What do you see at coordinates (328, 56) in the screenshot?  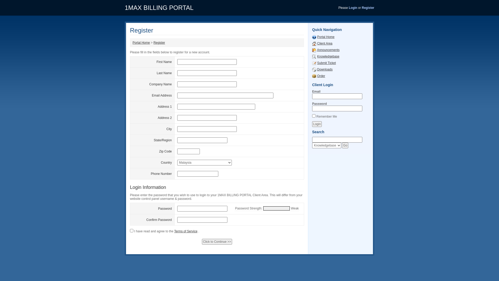 I see `'Knowledgebase'` at bounding box center [328, 56].